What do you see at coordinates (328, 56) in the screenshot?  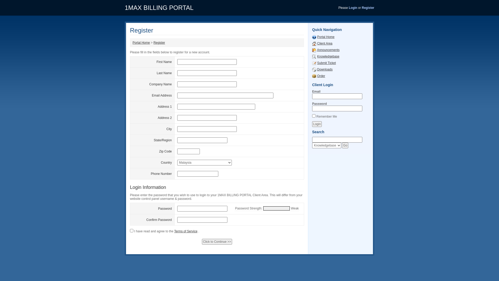 I see `'Knowledgebase'` at bounding box center [328, 56].